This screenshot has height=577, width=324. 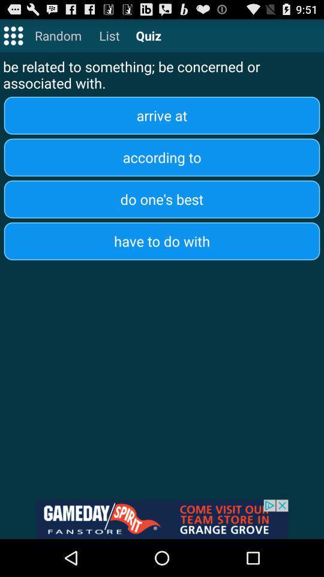 I want to click on the dialpad icon, so click(x=13, y=38).